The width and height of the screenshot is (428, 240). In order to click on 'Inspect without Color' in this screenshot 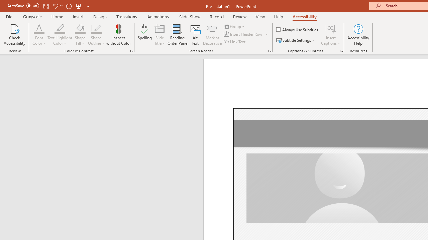, I will do `click(119, 35)`.